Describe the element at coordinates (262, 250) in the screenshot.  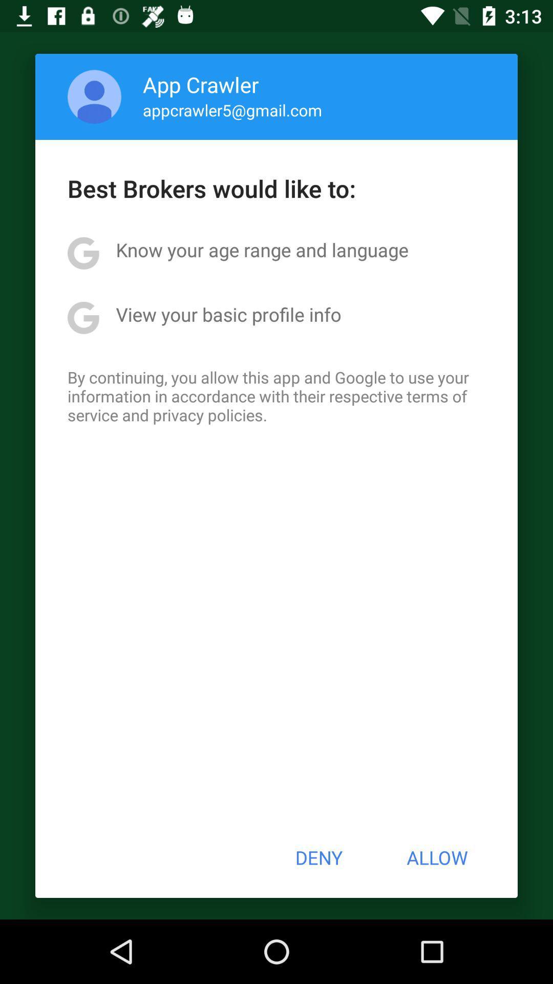
I see `icon above the view your basic app` at that location.